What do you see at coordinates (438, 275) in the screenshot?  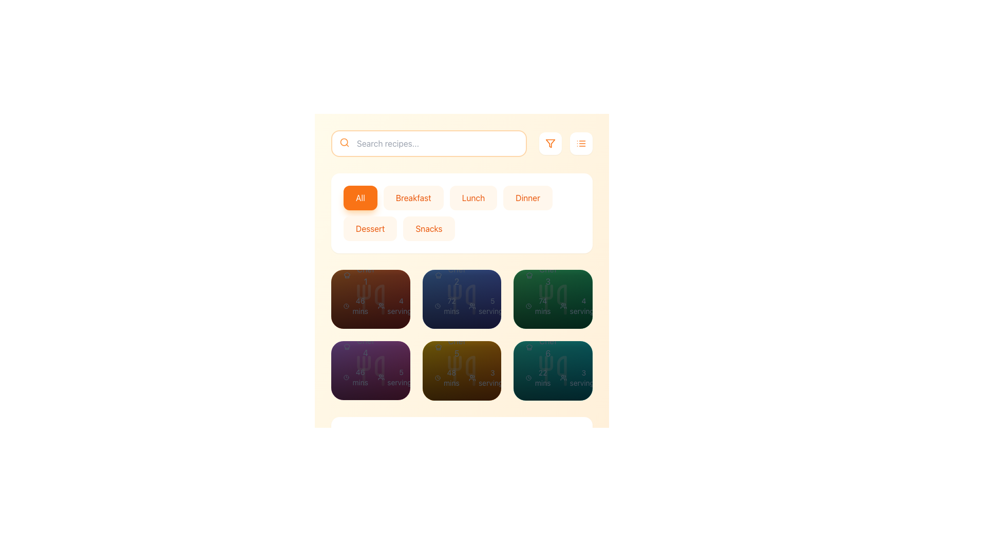 I see `the icon to the left of the text label 'Chef 2'` at bounding box center [438, 275].